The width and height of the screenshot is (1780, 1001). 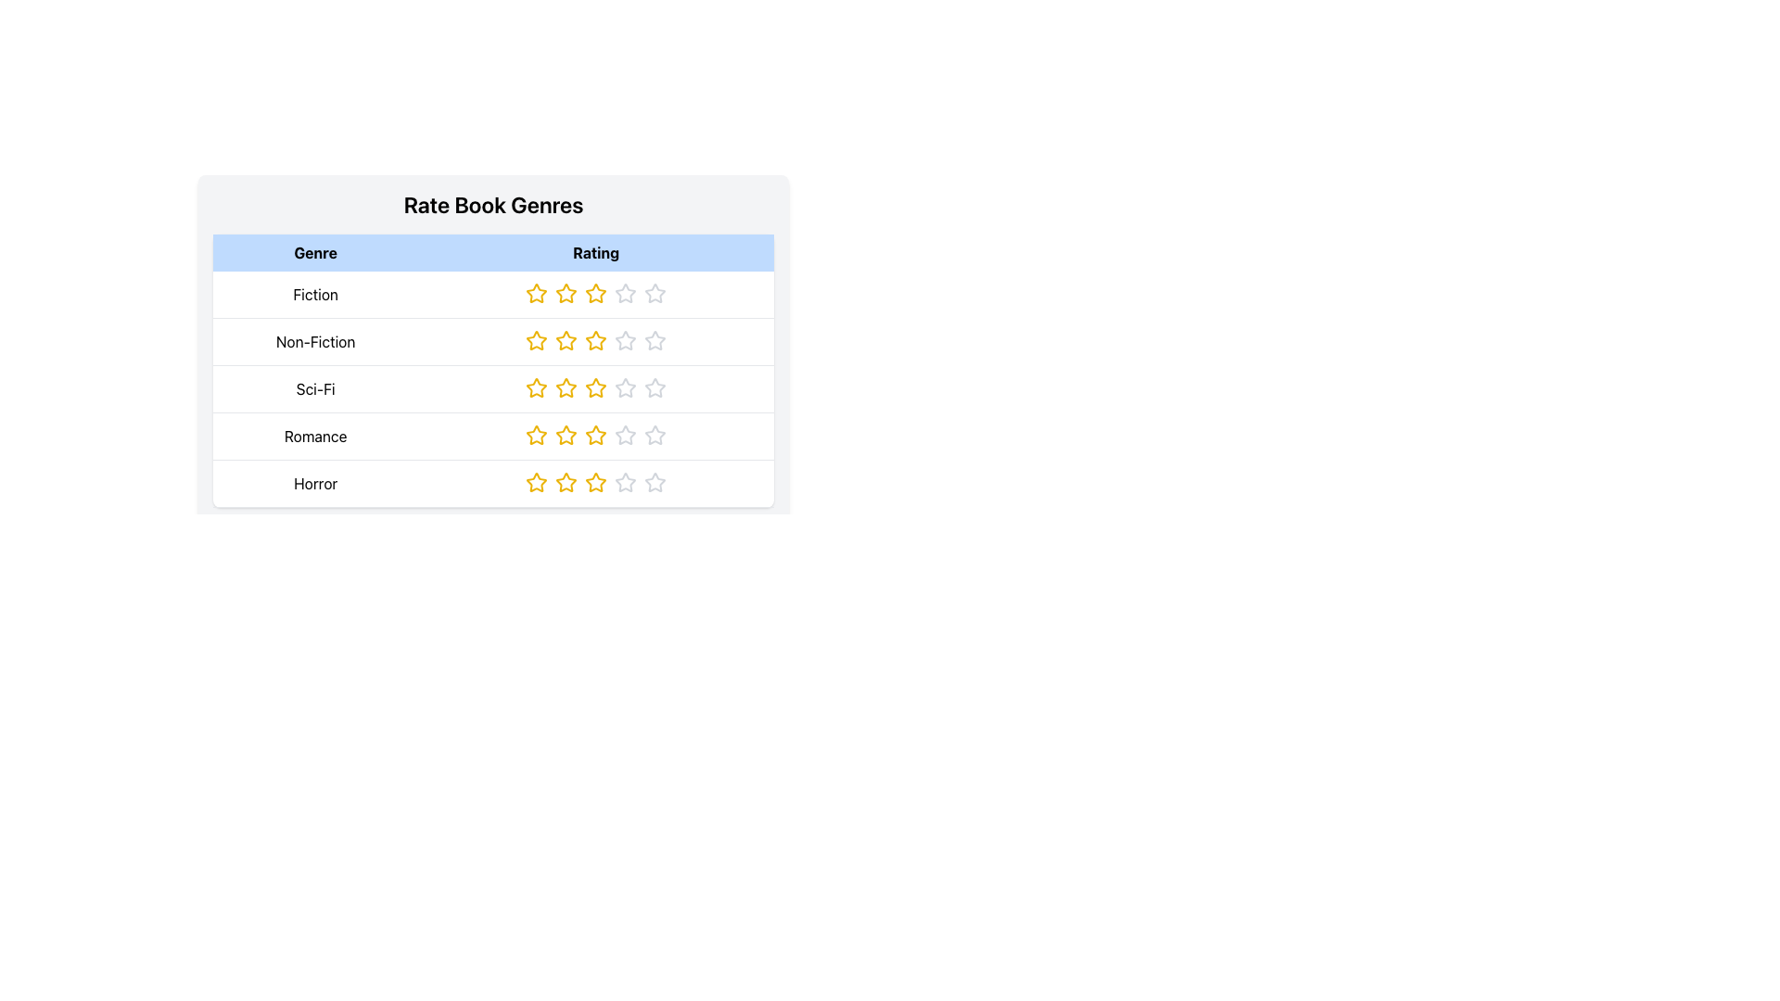 What do you see at coordinates (655, 292) in the screenshot?
I see `the fourth star in the 'Rating' column for the 'Fiction' genre to assign or modify the rating` at bounding box center [655, 292].